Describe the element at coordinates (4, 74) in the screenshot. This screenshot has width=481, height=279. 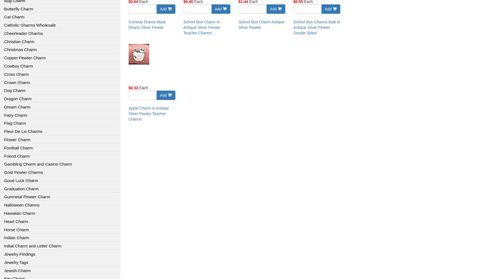
I see `'Cross Charm'` at that location.